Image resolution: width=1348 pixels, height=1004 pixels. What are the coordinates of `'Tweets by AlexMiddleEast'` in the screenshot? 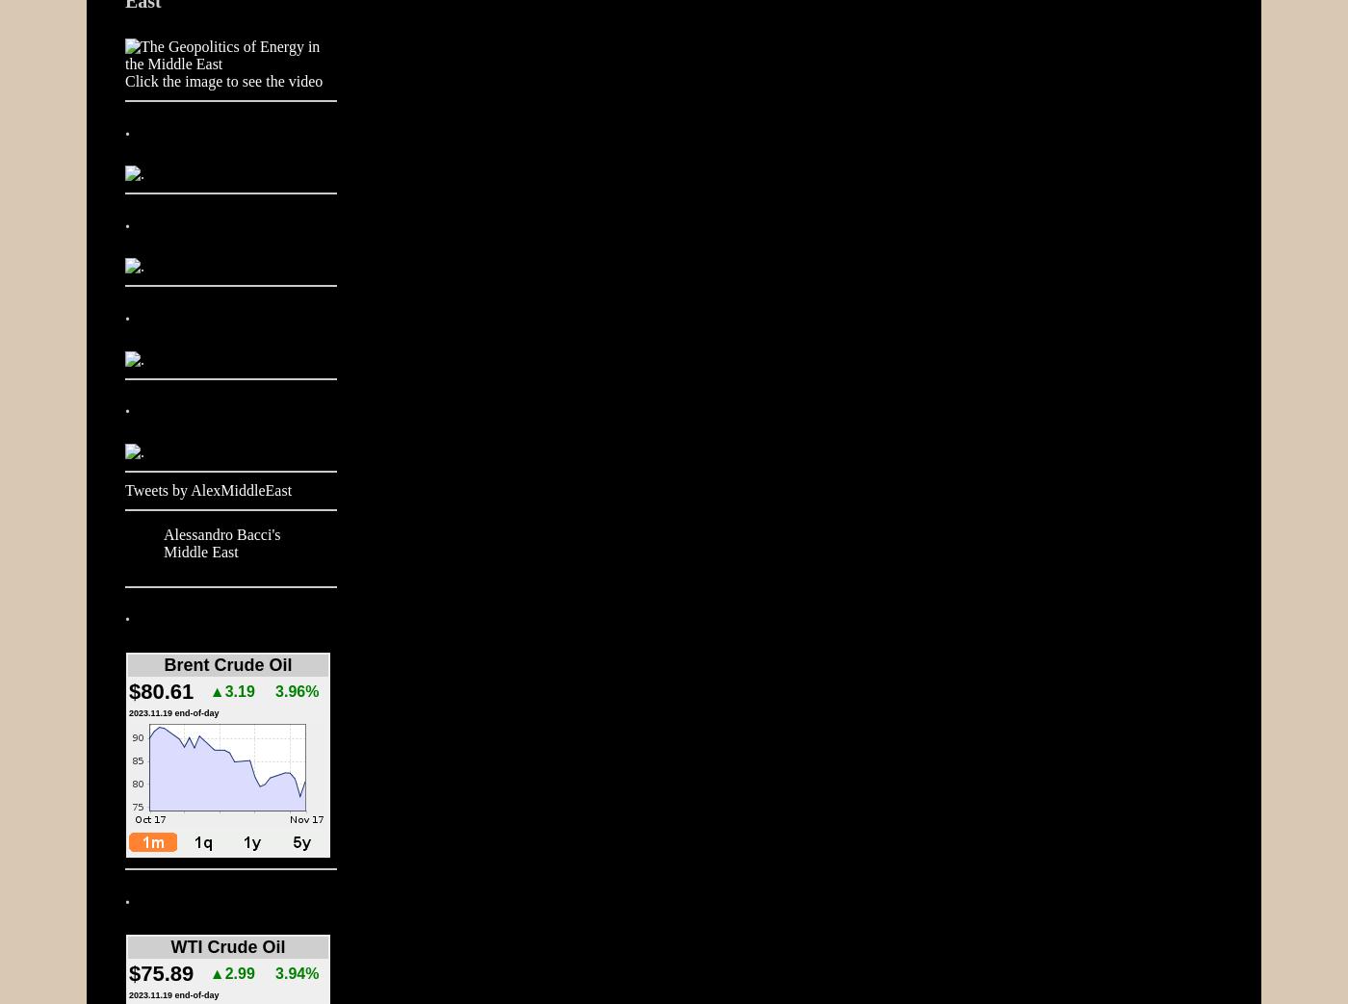 It's located at (125, 488).